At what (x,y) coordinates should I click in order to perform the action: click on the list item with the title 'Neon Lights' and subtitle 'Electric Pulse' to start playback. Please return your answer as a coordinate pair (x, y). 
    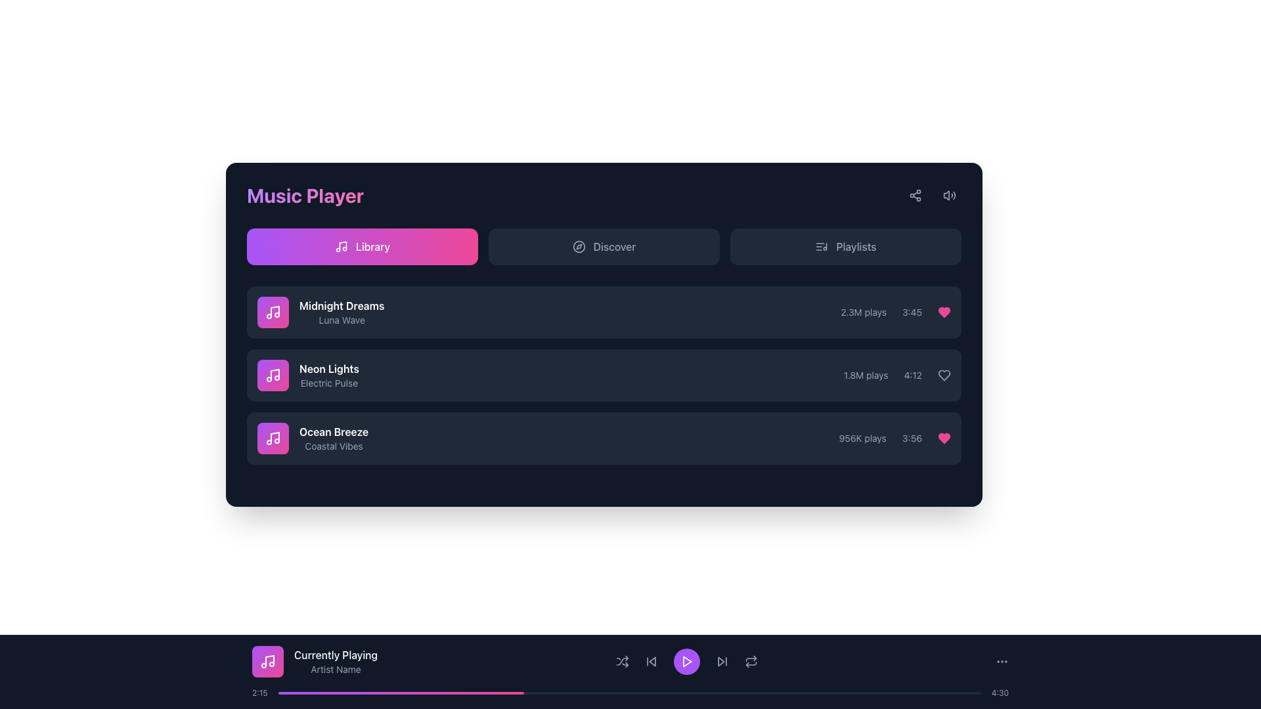
    Looking at the image, I should click on (604, 375).